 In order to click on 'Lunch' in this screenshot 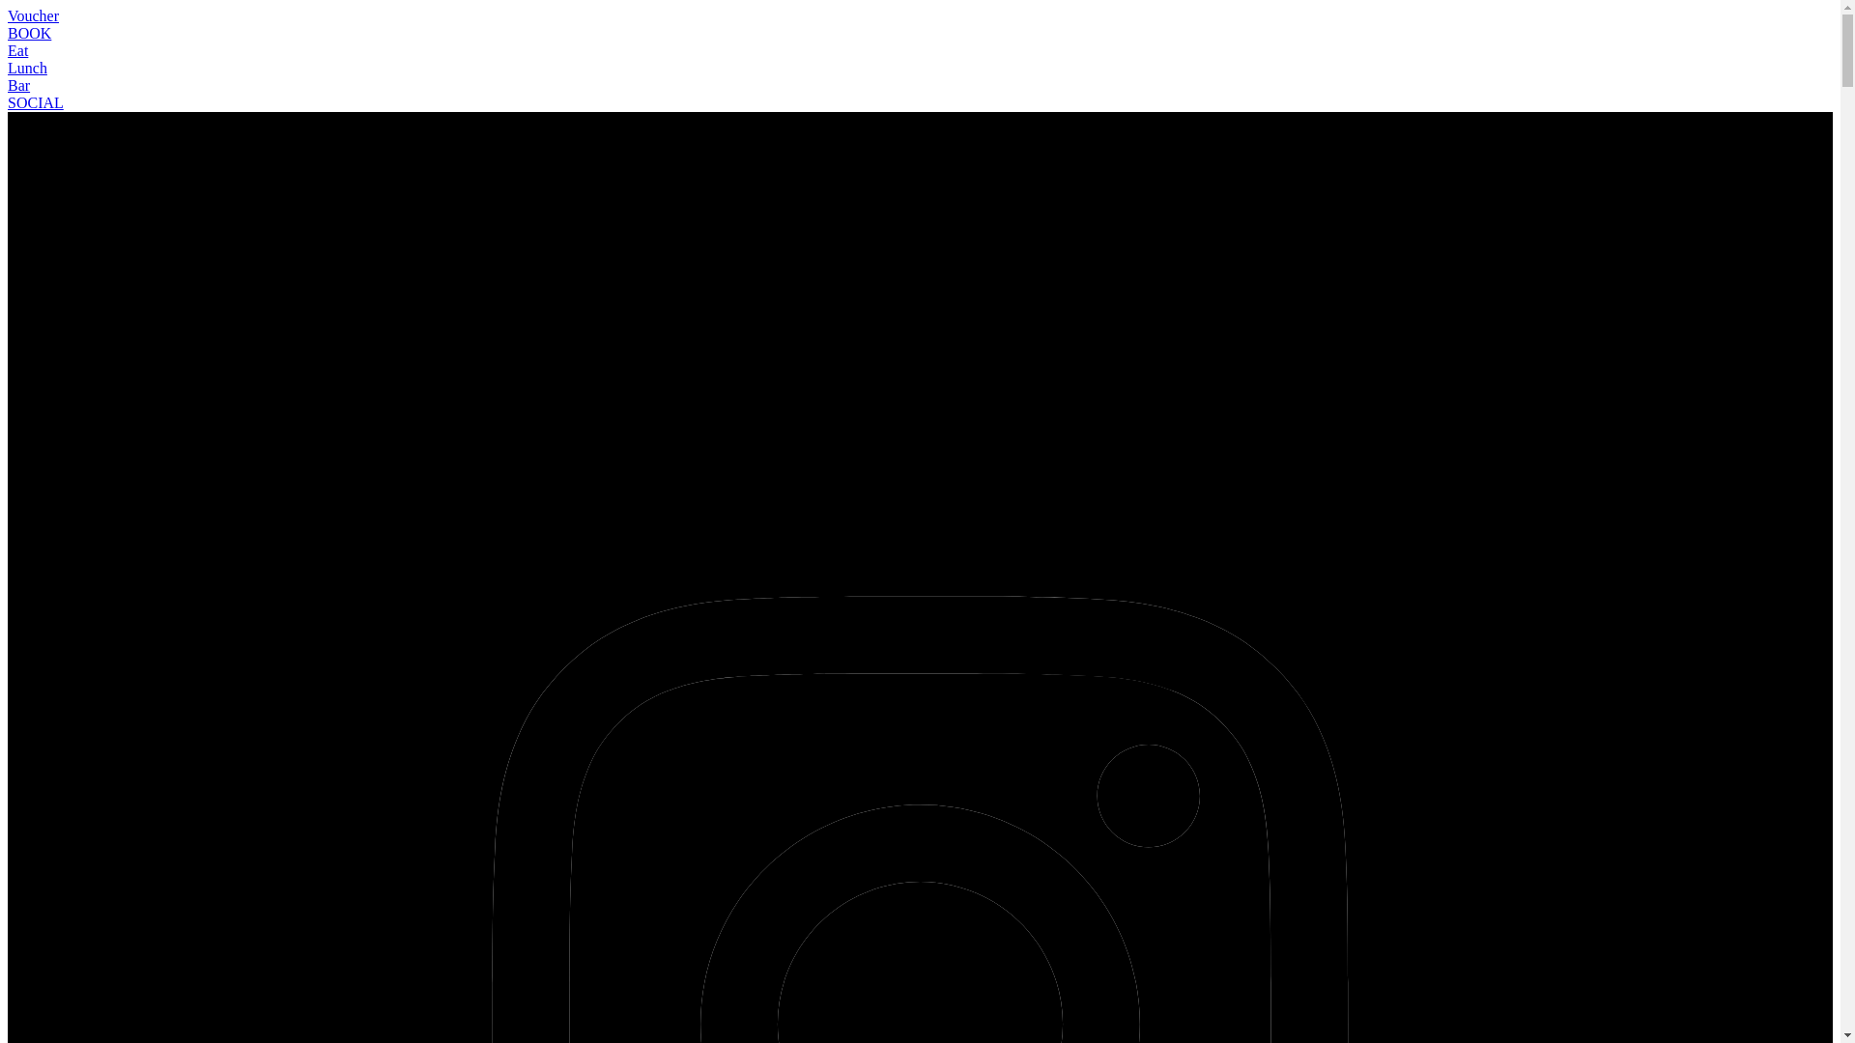, I will do `click(27, 67)`.